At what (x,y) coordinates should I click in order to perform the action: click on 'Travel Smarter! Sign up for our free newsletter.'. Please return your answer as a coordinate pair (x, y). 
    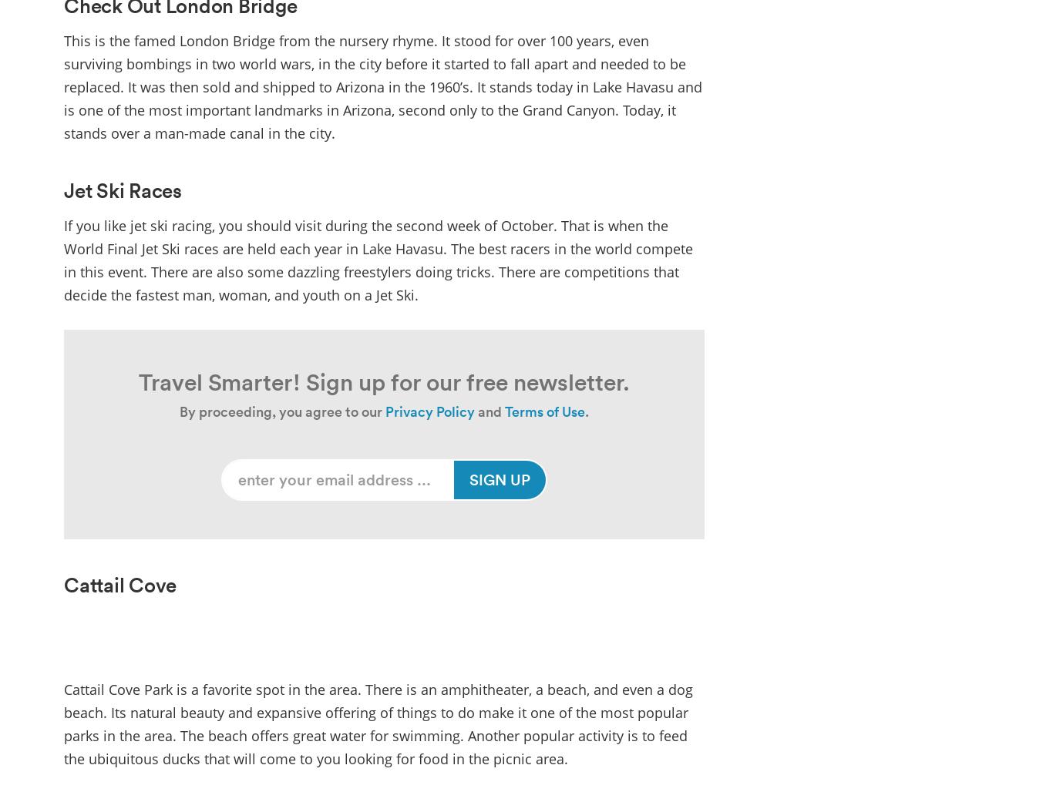
    Looking at the image, I should click on (383, 380).